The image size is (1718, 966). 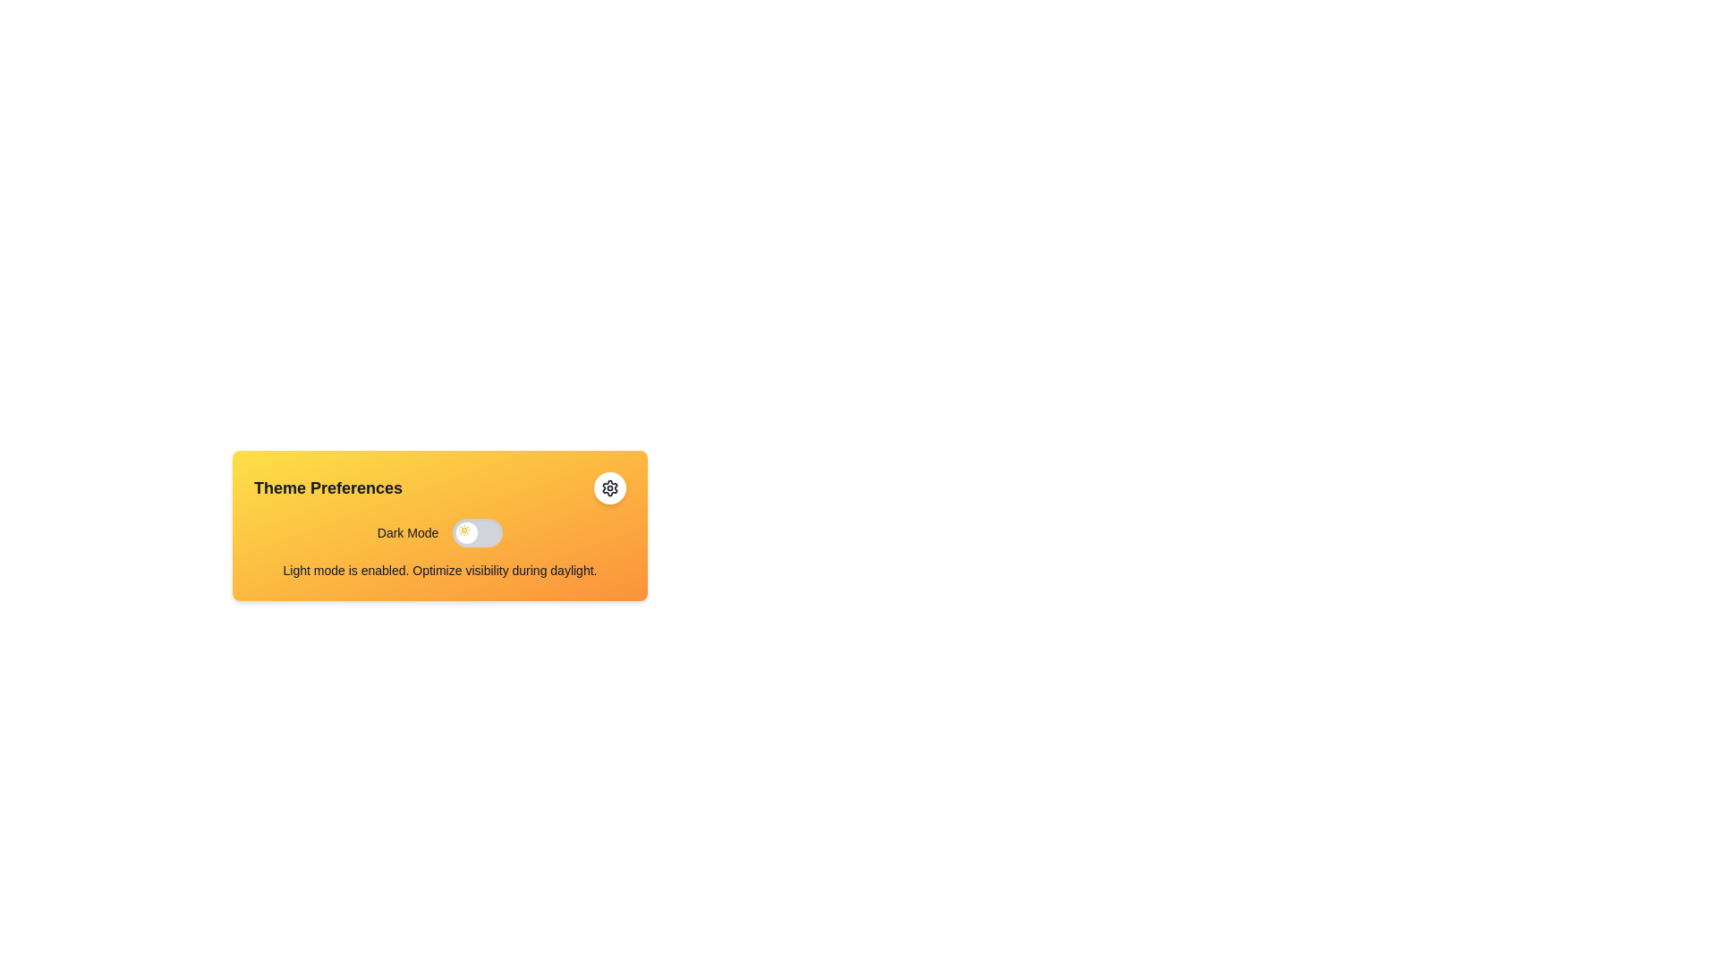 I want to click on the icon in the 'Theme Preferences' Settings card, so click(x=439, y=524).